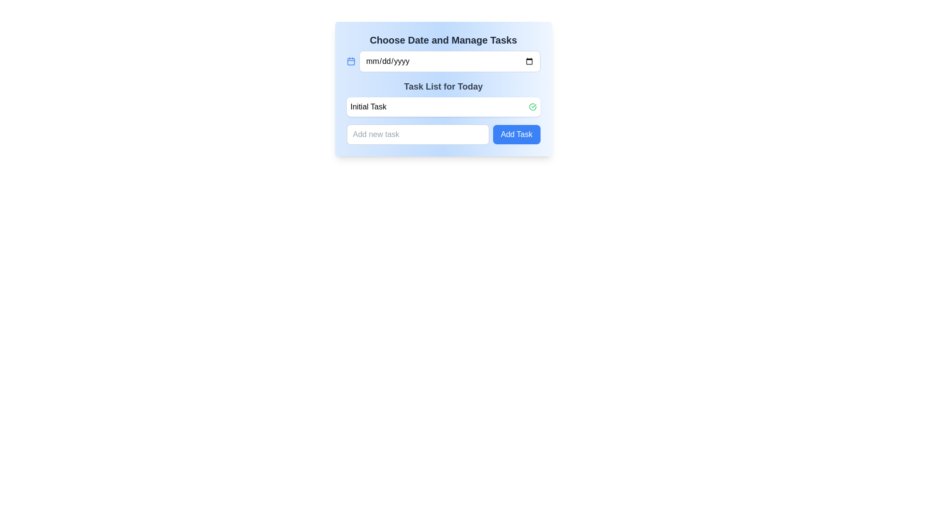 This screenshot has height=523, width=930. Describe the element at coordinates (443, 107) in the screenshot. I see `the details of the first task item in the 'Task List for Today', indicated by a green checkmark` at that location.